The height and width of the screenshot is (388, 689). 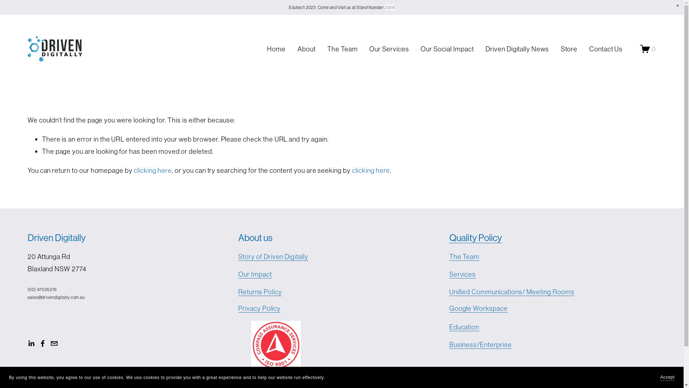 What do you see at coordinates (464, 256) in the screenshot?
I see `'The Team'` at bounding box center [464, 256].